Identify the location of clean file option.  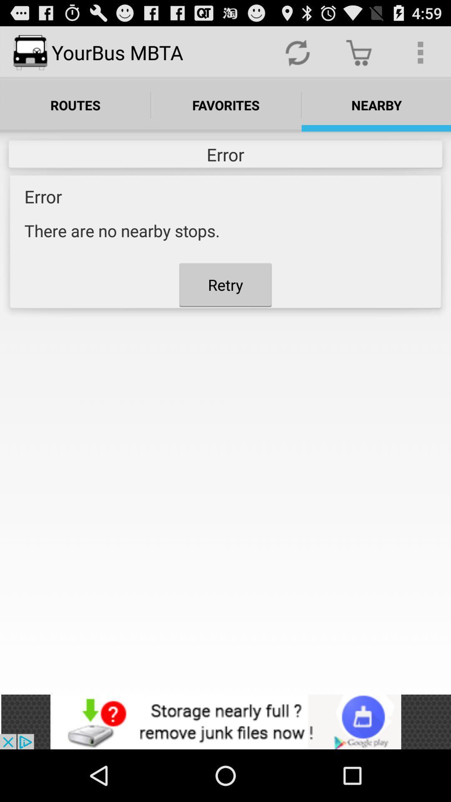
(225, 721).